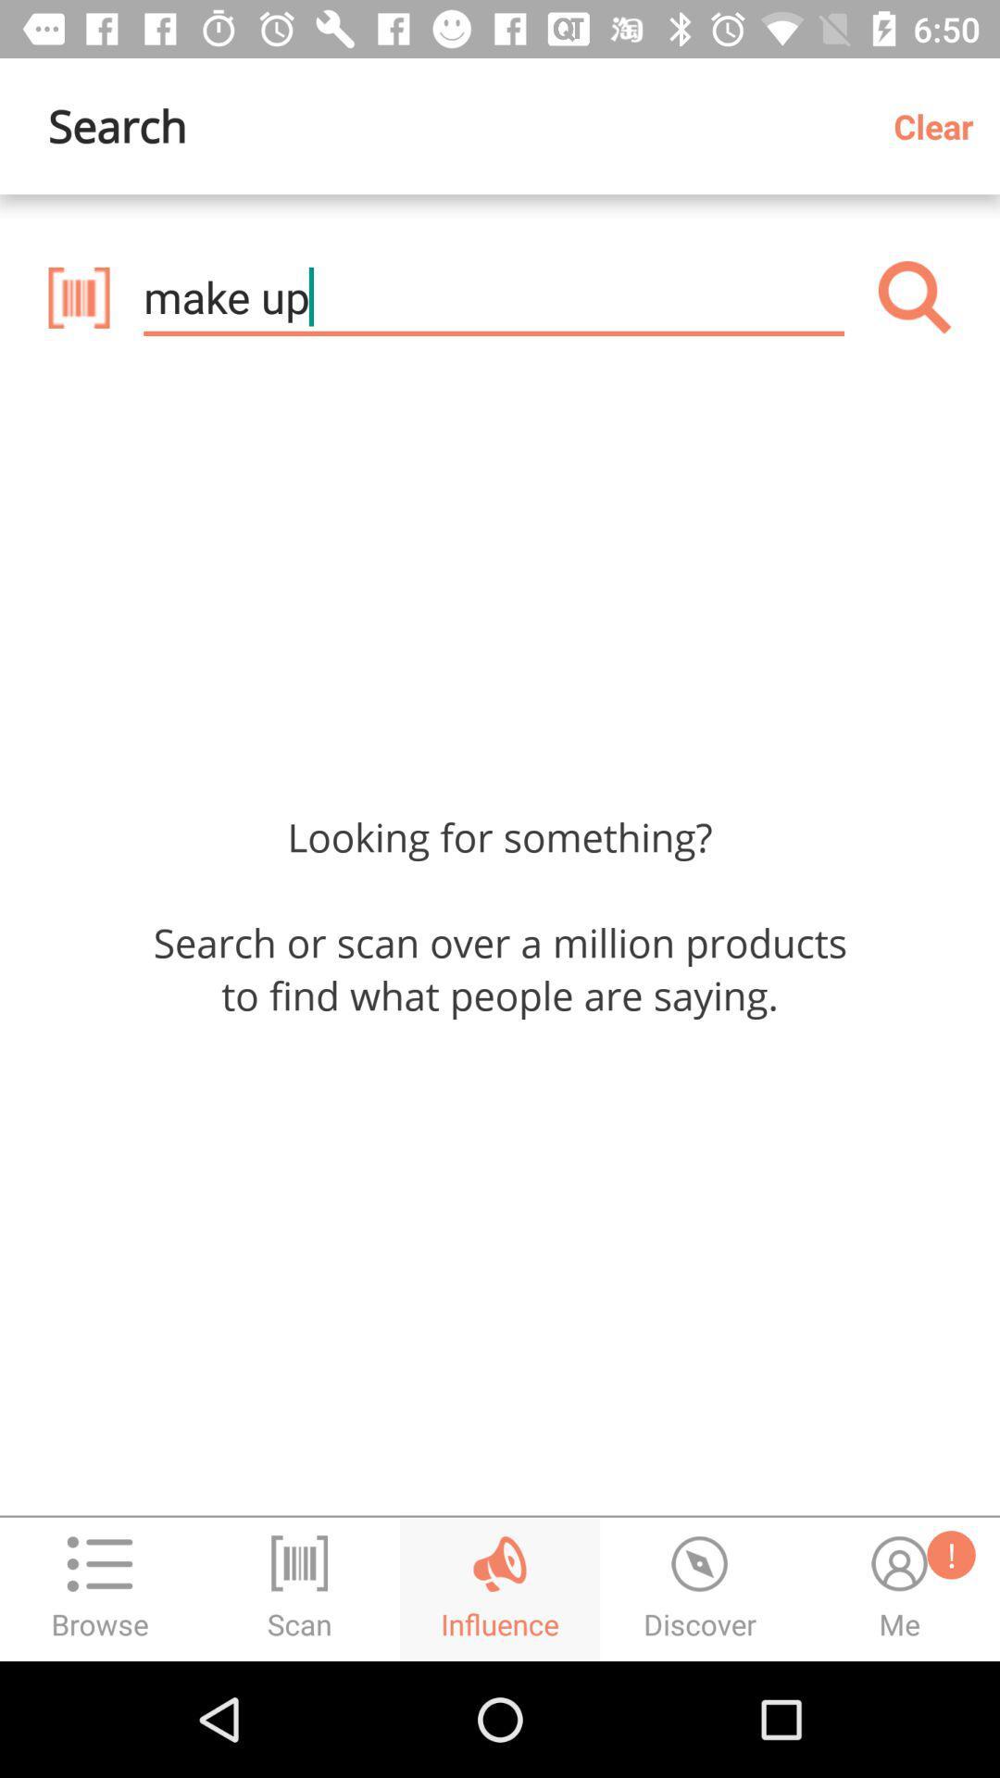 The image size is (1000, 1778). I want to click on the item below search icon, so click(493, 297).